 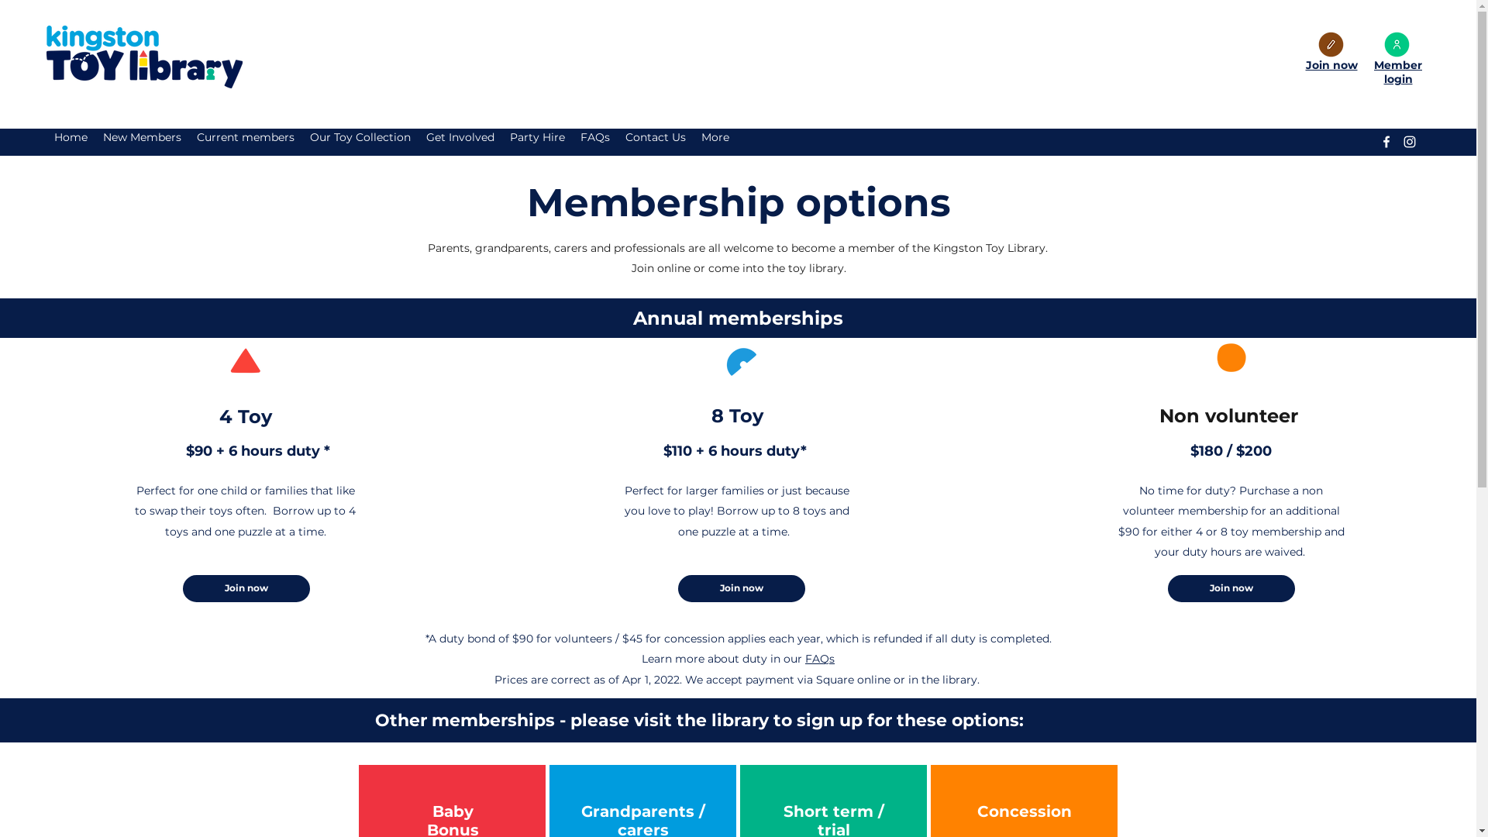 I want to click on 'Contact Us', so click(x=616, y=141).